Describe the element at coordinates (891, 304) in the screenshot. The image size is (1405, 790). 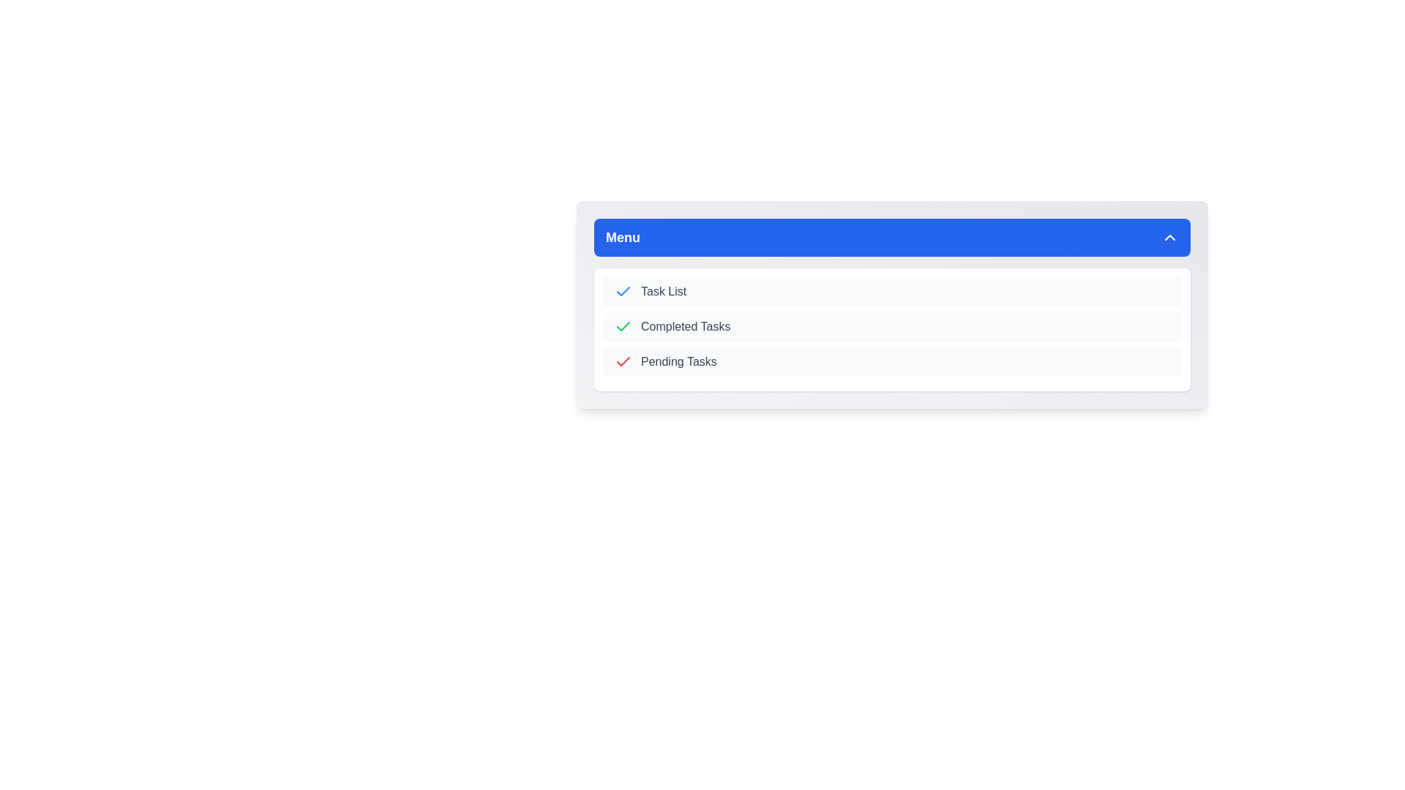
I see `the individual rows of the Dropdown menu located in the upper-middle section of the main interface` at that location.